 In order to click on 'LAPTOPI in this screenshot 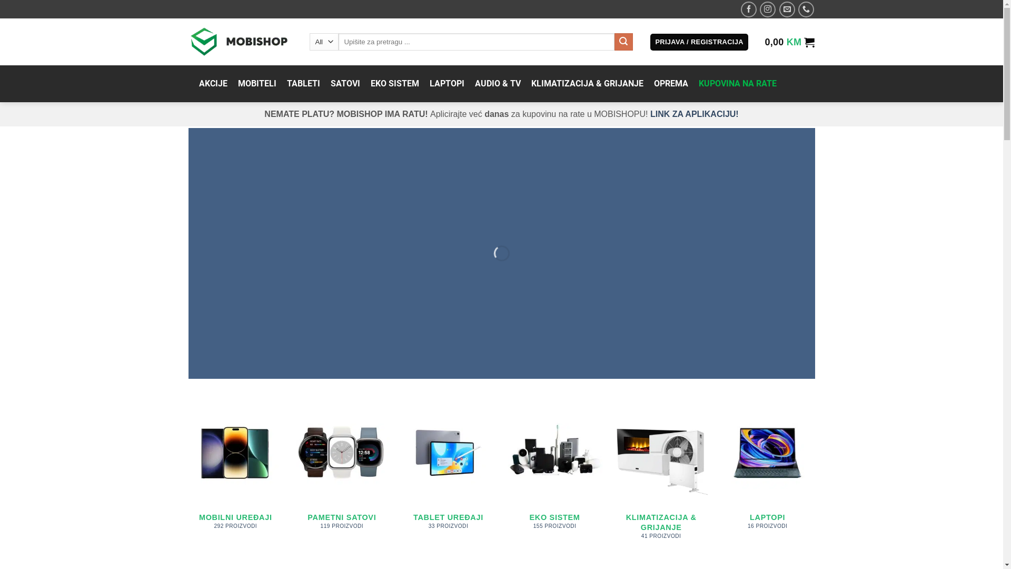, I will do `click(767, 470)`.